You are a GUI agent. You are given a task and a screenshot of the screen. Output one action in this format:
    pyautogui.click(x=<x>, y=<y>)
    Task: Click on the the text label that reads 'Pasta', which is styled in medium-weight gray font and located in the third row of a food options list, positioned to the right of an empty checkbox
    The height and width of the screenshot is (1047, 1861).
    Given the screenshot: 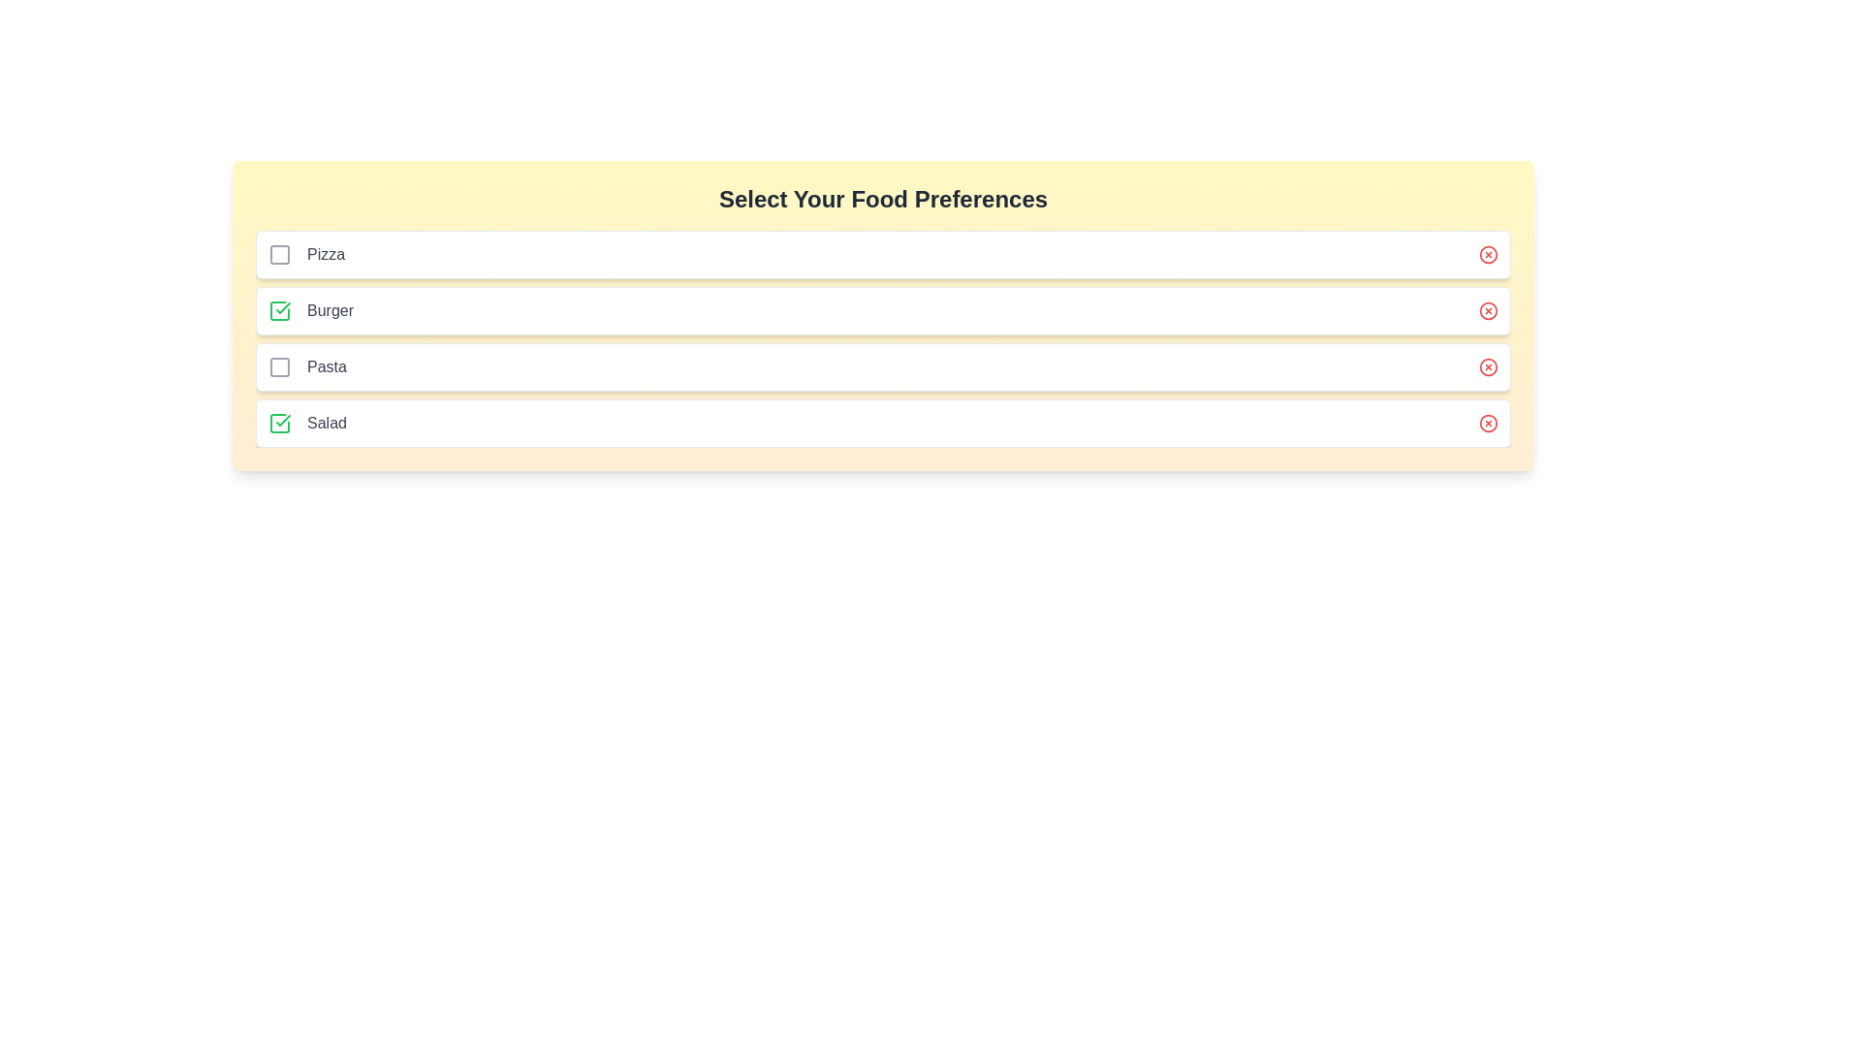 What is the action you would take?
    pyautogui.click(x=327, y=366)
    